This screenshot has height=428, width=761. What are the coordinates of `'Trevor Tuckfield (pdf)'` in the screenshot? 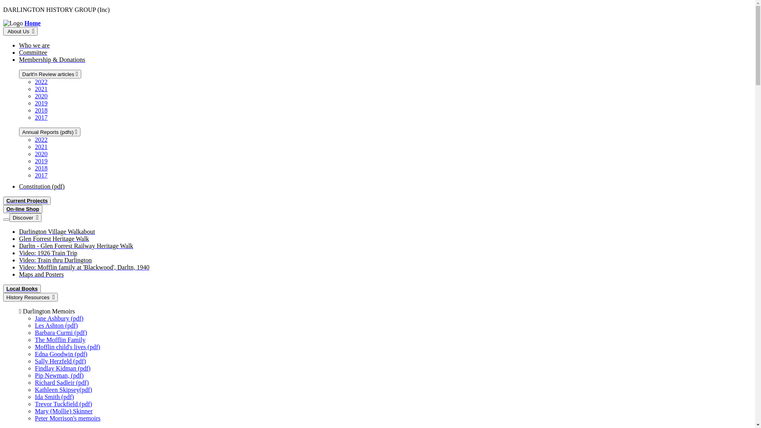 It's located at (63, 404).